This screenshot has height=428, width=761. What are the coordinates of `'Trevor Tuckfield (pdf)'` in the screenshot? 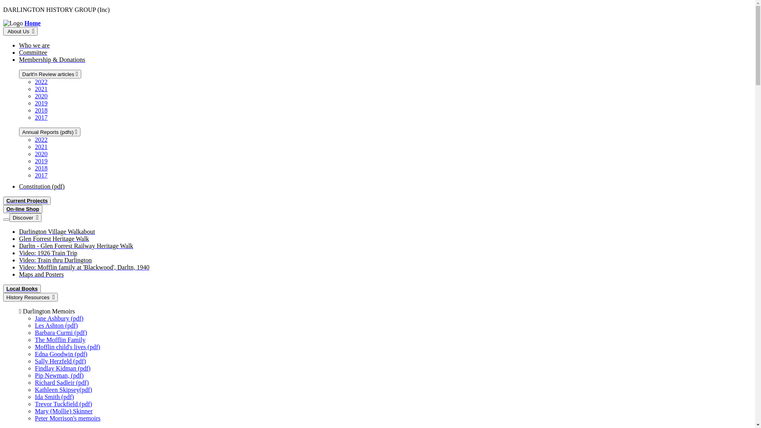 It's located at (63, 404).